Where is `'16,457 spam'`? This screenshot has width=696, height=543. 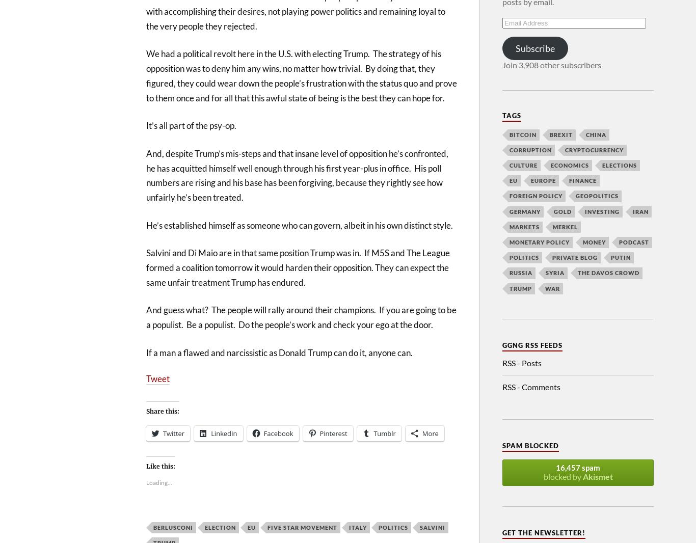
'16,457 spam' is located at coordinates (577, 468).